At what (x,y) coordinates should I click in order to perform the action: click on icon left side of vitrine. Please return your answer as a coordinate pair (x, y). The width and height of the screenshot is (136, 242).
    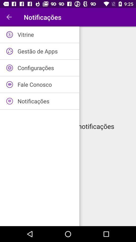
    Looking at the image, I should click on (10, 34).